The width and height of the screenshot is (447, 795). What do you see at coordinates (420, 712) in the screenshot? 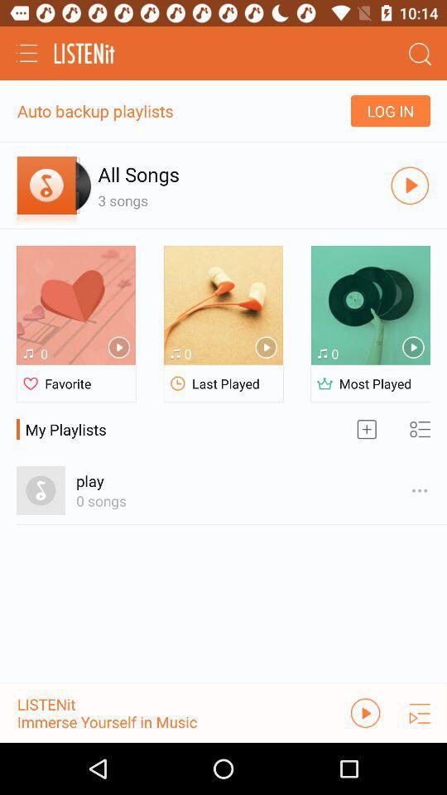
I see `the playlist icon in the bottom right` at bounding box center [420, 712].